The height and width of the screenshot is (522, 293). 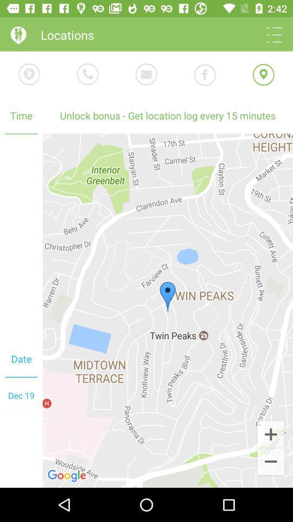 What do you see at coordinates (168, 310) in the screenshot?
I see `the item below time app` at bounding box center [168, 310].